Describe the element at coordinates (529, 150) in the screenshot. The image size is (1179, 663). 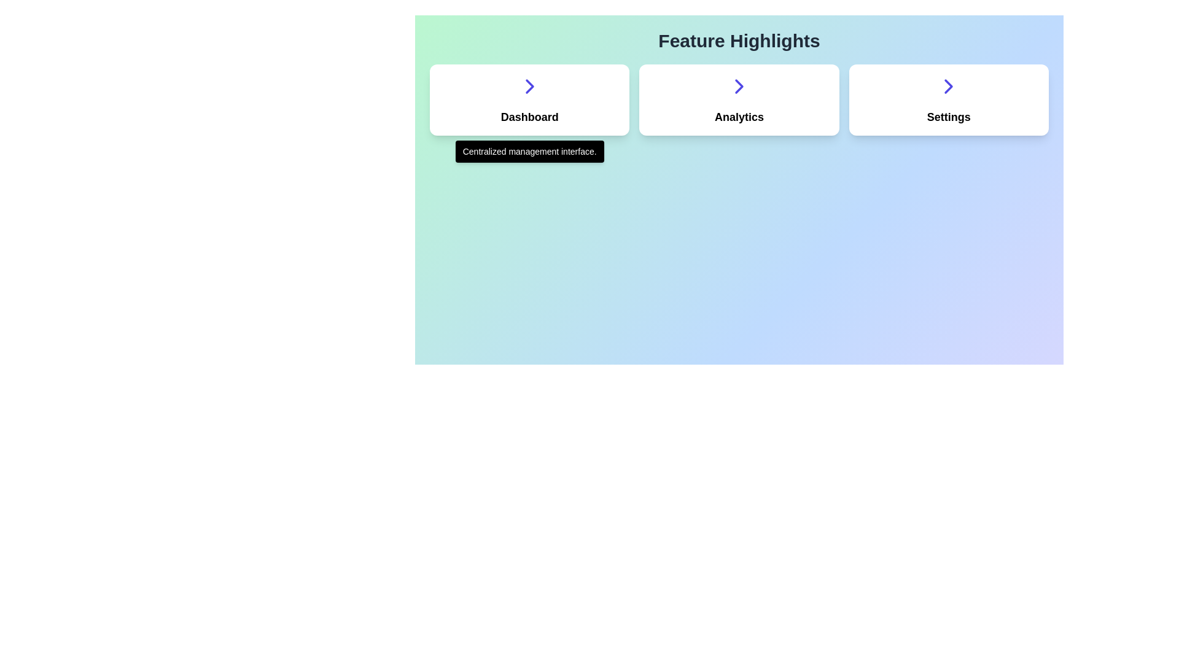
I see `the tooltip that states 'Centralized management interface', which is a black rectangular box with white text, located below the 'Dashboard' card in the 'Feature Highlights' section` at that location.